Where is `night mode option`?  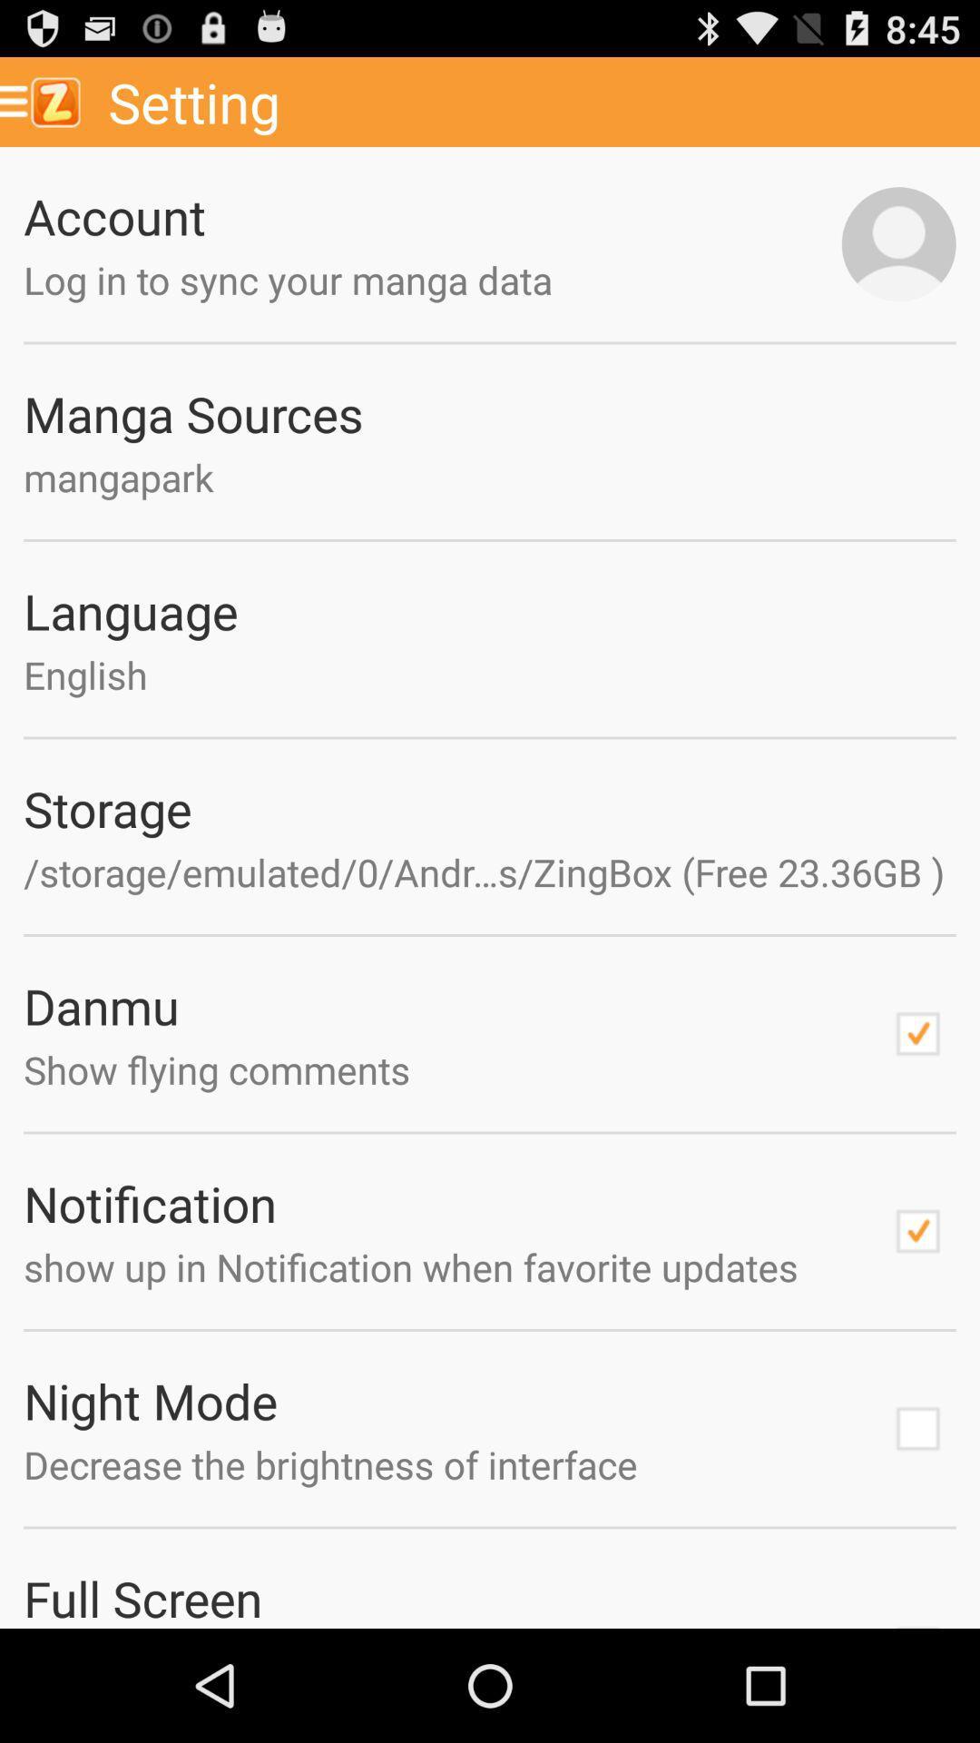
night mode option is located at coordinates (917, 1428).